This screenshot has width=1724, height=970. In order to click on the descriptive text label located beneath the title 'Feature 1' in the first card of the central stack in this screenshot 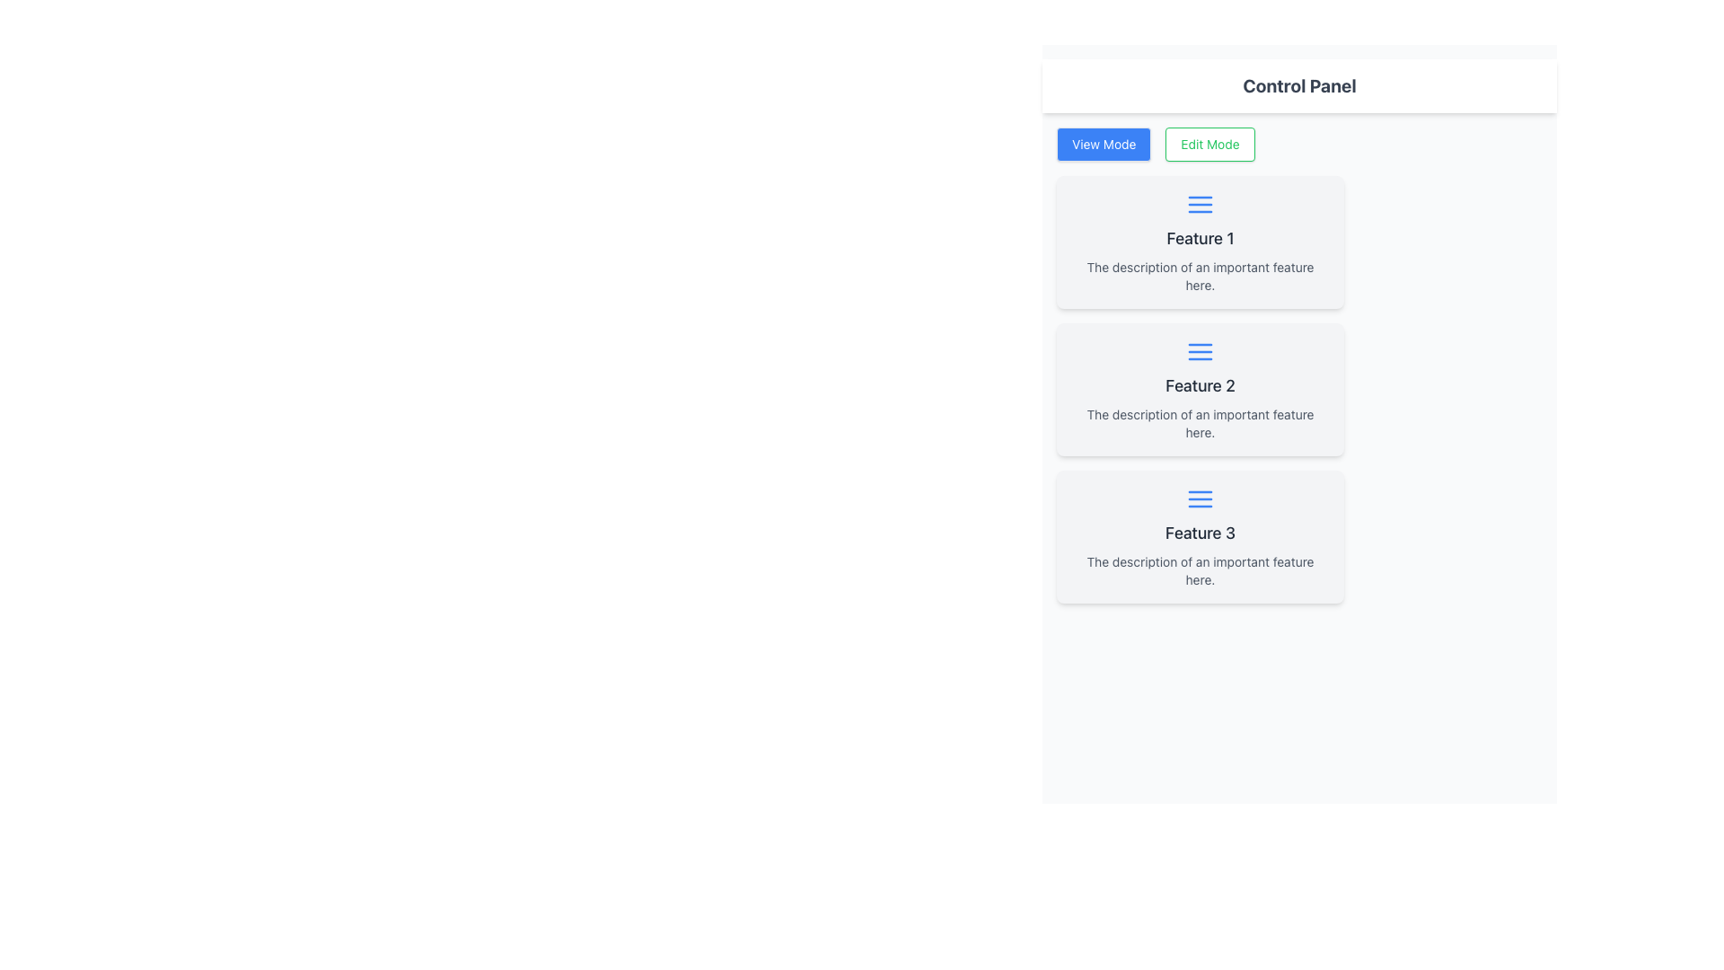, I will do `click(1201, 277)`.